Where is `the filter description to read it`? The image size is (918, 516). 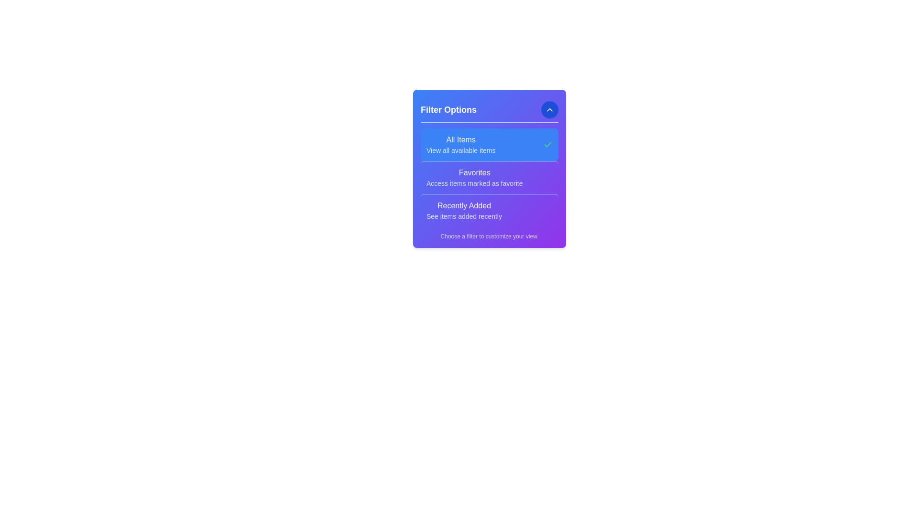
the filter description to read it is located at coordinates (461, 150).